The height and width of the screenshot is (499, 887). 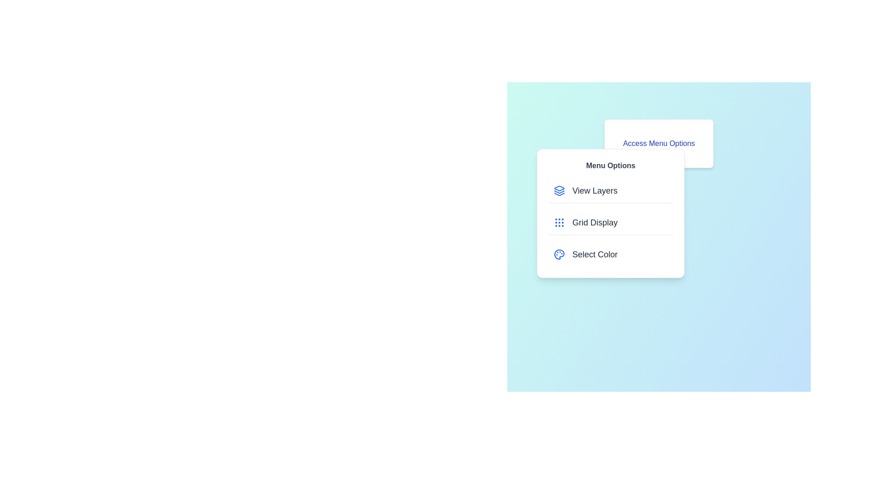 I want to click on the 'Select Color' menu item, so click(x=610, y=255).